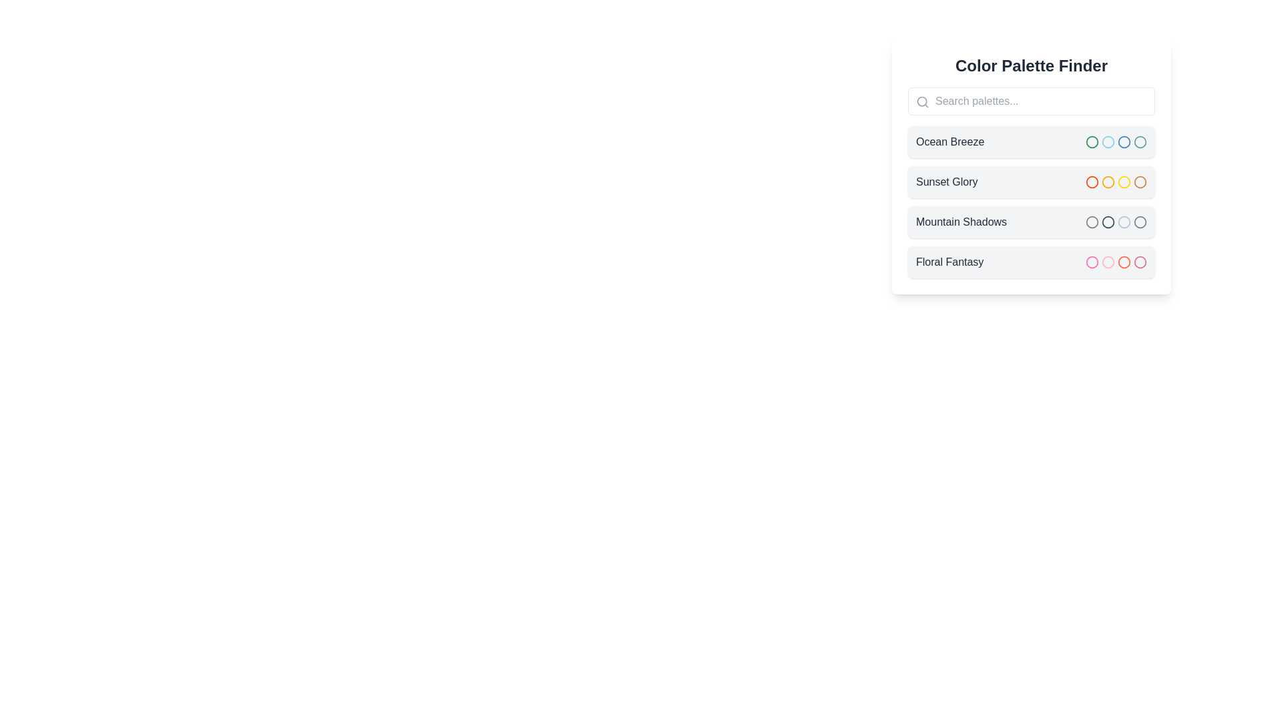 The width and height of the screenshot is (1282, 721). What do you see at coordinates (1116, 142) in the screenshot?
I see `the individual color circle in the color palette preview associated with the 'Ocean Breeze' name` at bounding box center [1116, 142].